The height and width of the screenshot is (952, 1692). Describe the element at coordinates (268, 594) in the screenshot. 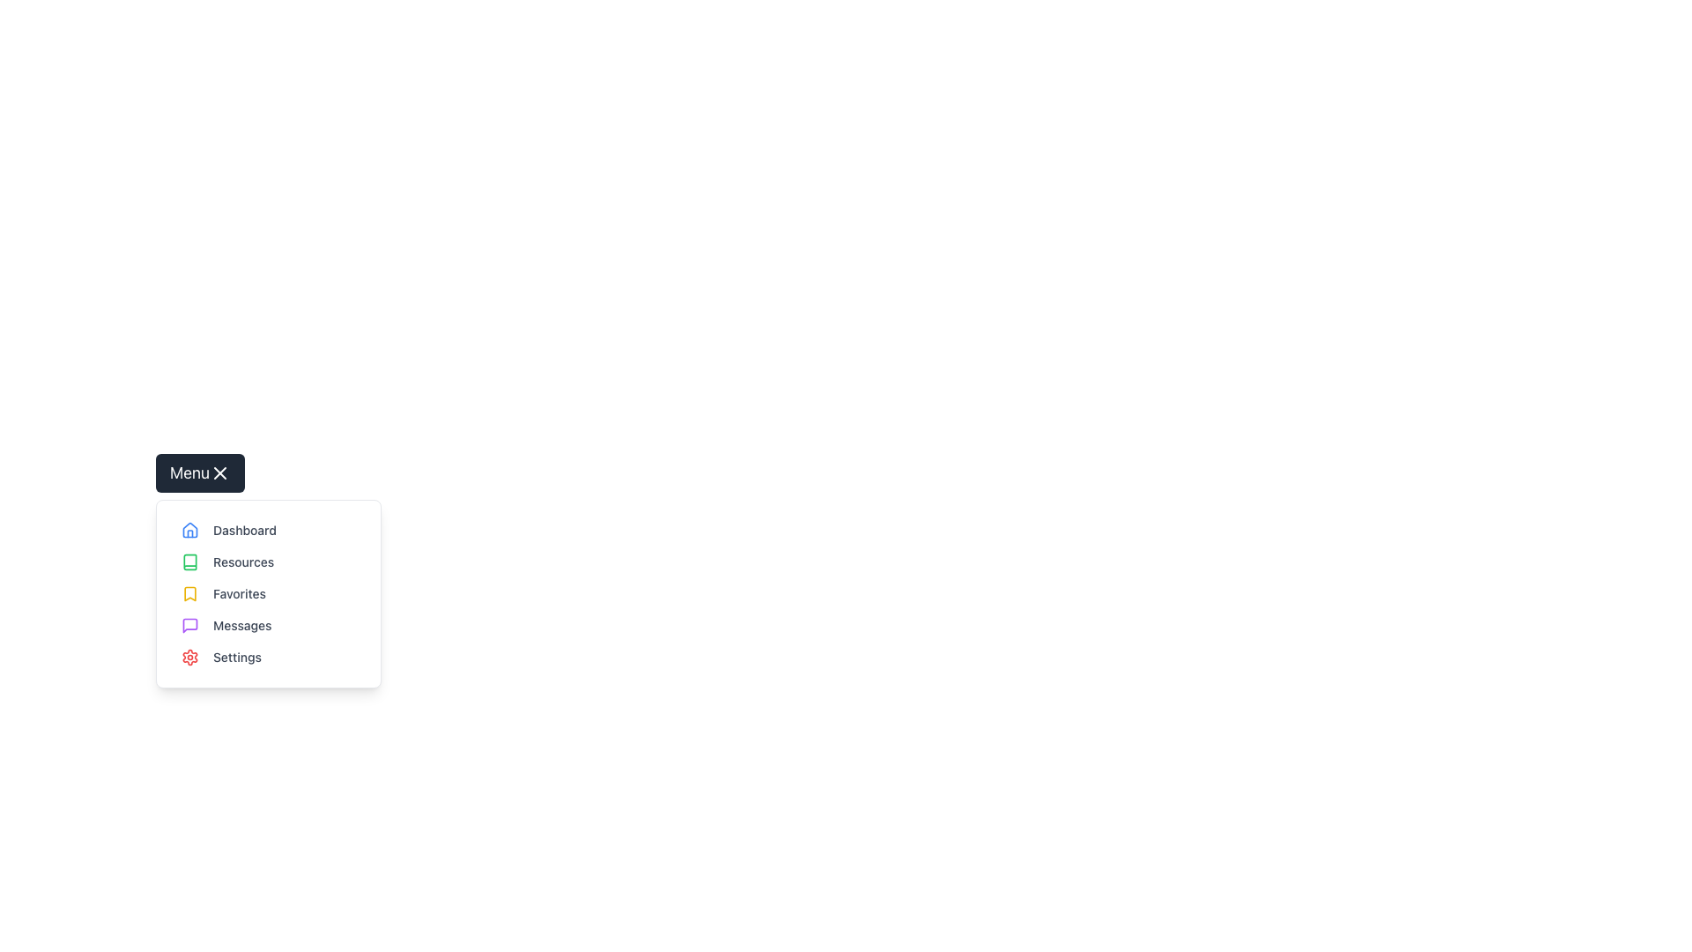

I see `outside the Dropdown Menu List` at that location.